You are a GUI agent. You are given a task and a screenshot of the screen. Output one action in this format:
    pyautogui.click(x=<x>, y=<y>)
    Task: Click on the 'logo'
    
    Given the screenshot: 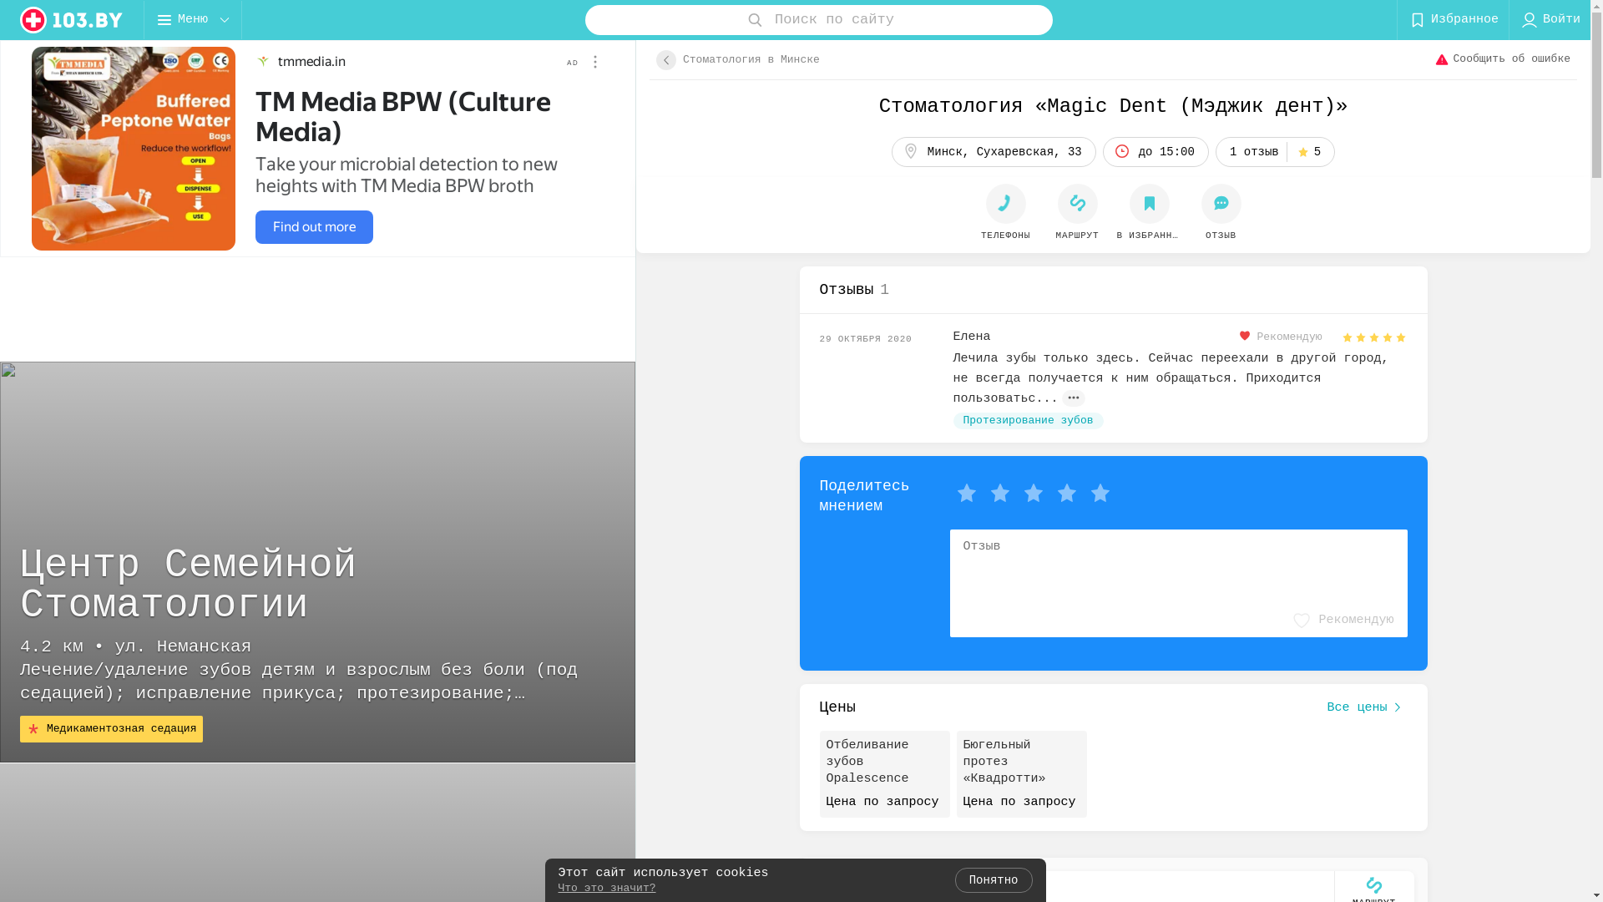 What is the action you would take?
    pyautogui.click(x=71, y=19)
    